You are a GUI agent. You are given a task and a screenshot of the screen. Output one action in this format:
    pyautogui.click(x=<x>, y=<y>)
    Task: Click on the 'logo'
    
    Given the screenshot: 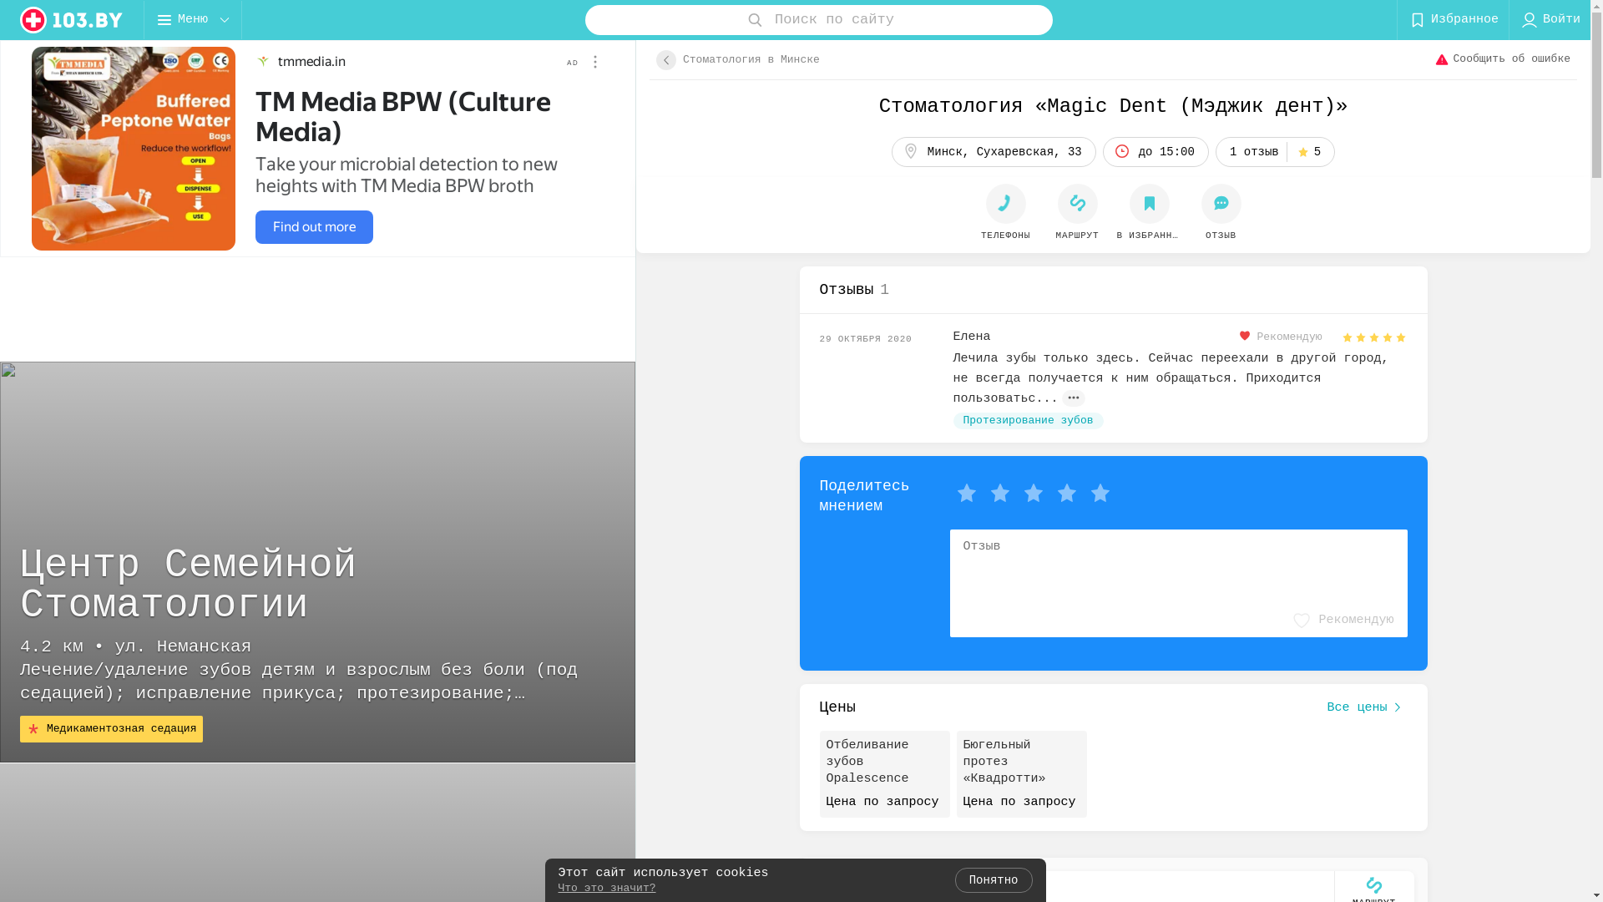 What is the action you would take?
    pyautogui.click(x=71, y=19)
    